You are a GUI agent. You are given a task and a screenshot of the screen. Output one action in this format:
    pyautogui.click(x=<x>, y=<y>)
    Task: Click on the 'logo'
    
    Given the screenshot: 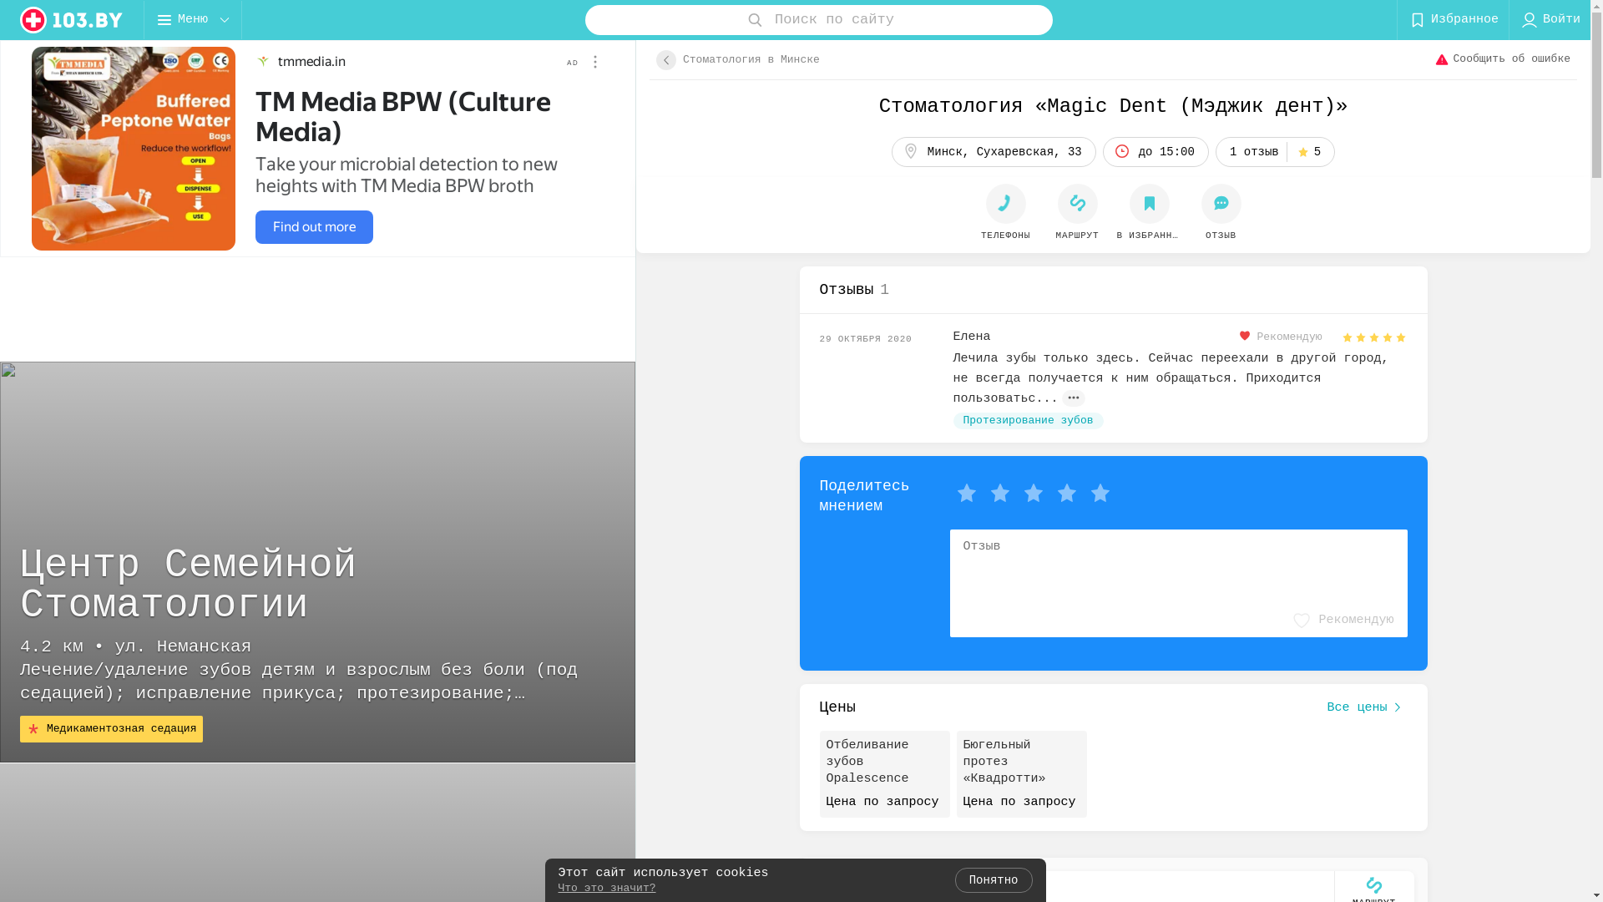 What is the action you would take?
    pyautogui.click(x=71, y=19)
    